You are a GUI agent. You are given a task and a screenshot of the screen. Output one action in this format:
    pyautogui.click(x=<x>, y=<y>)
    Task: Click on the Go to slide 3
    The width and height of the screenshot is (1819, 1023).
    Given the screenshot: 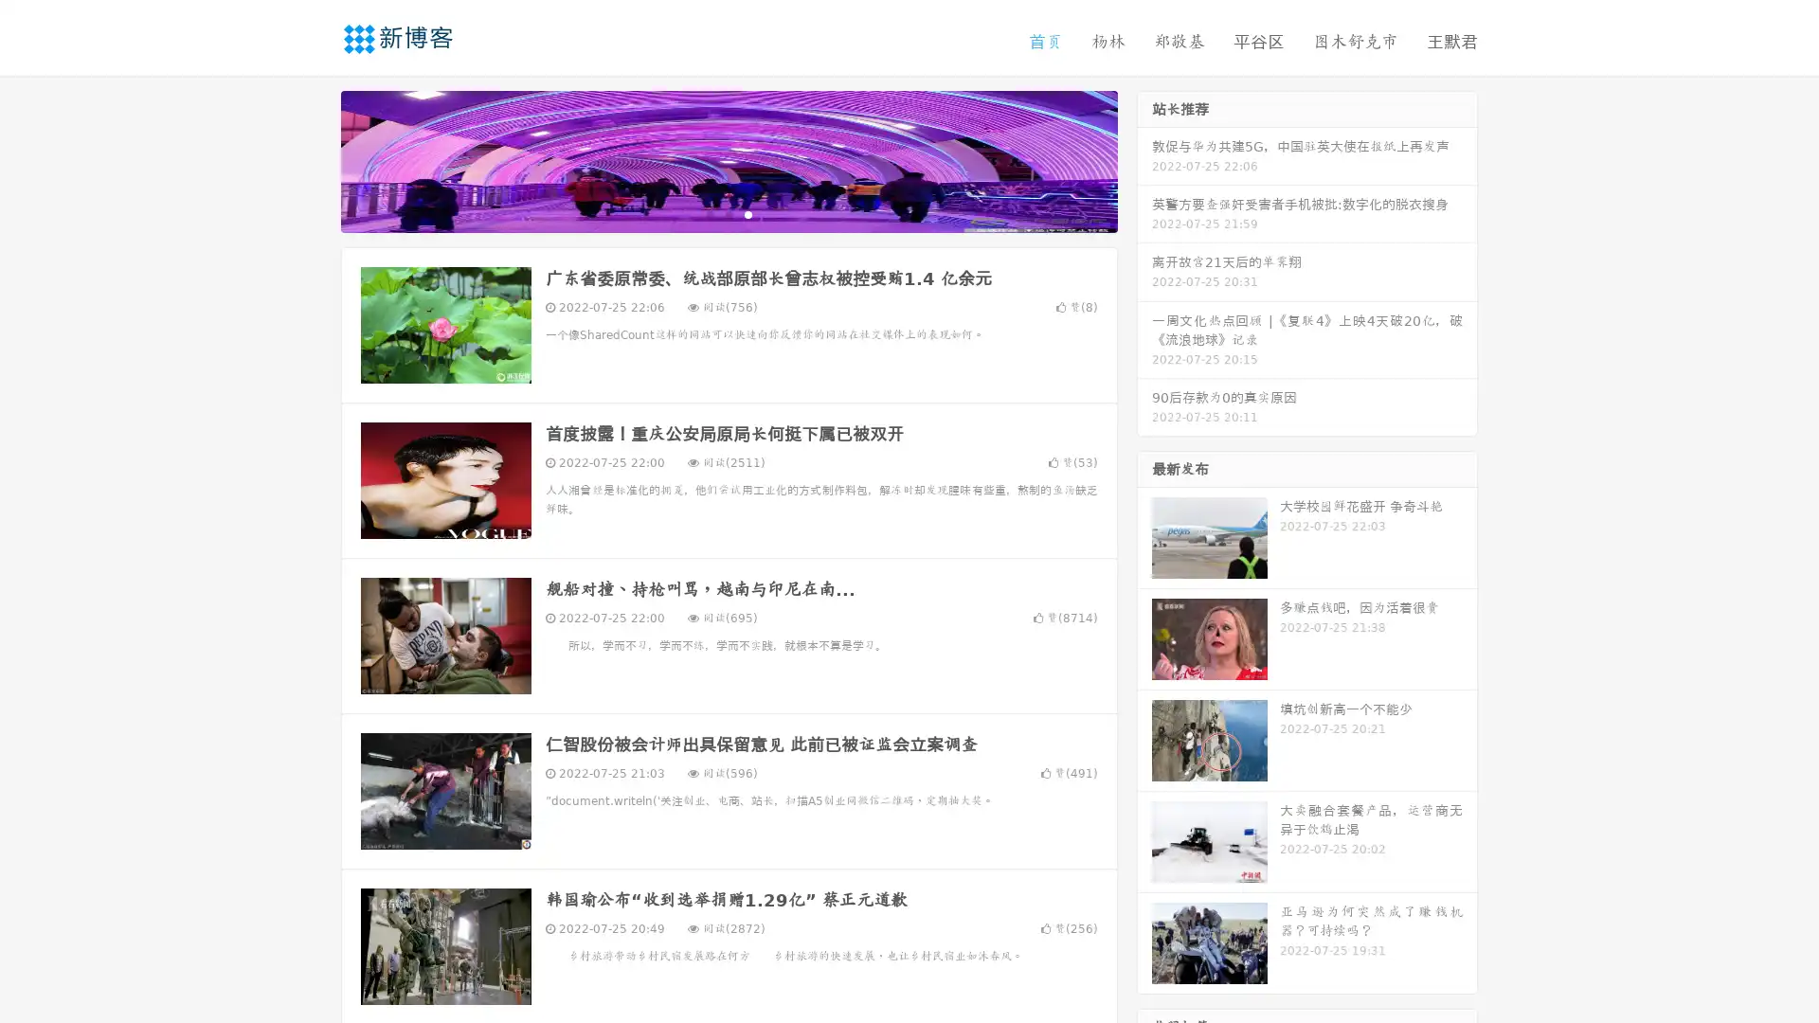 What is the action you would take?
    pyautogui.click(x=747, y=213)
    